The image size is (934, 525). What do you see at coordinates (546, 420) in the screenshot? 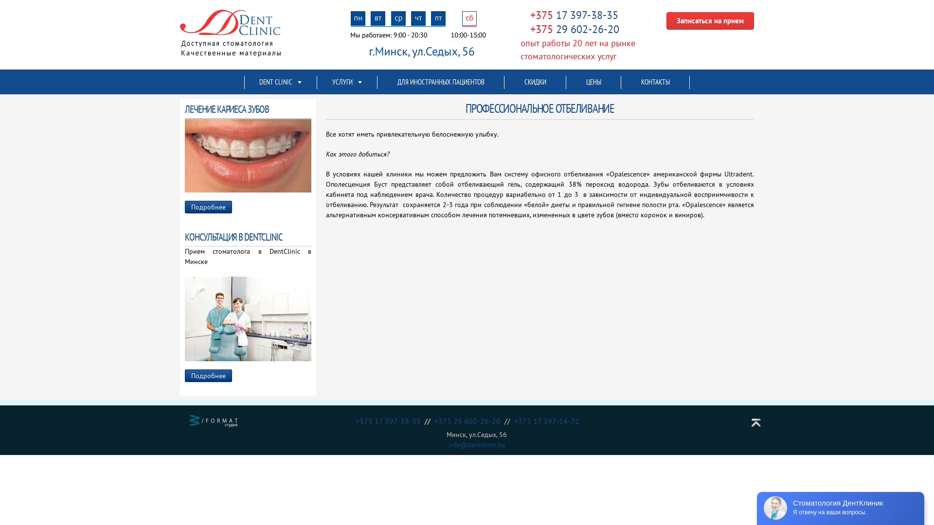
I see `'+375 17 397-14-71'` at bounding box center [546, 420].